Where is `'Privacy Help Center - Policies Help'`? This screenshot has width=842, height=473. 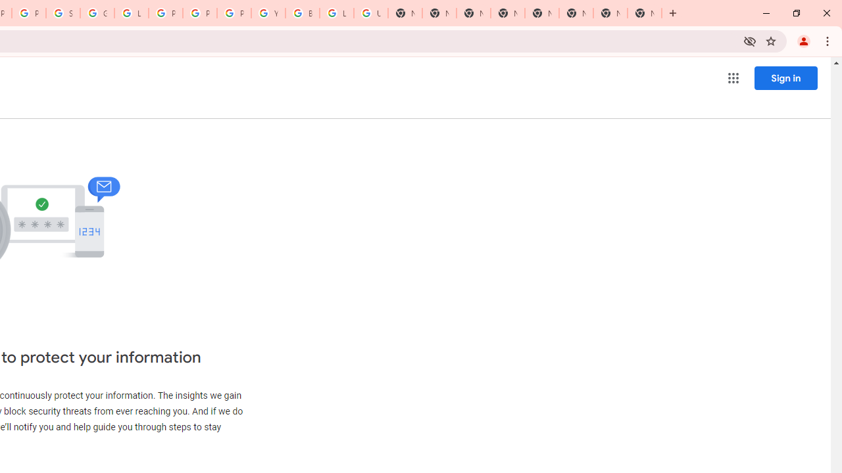 'Privacy Help Center - Policies Help' is located at coordinates (165, 13).